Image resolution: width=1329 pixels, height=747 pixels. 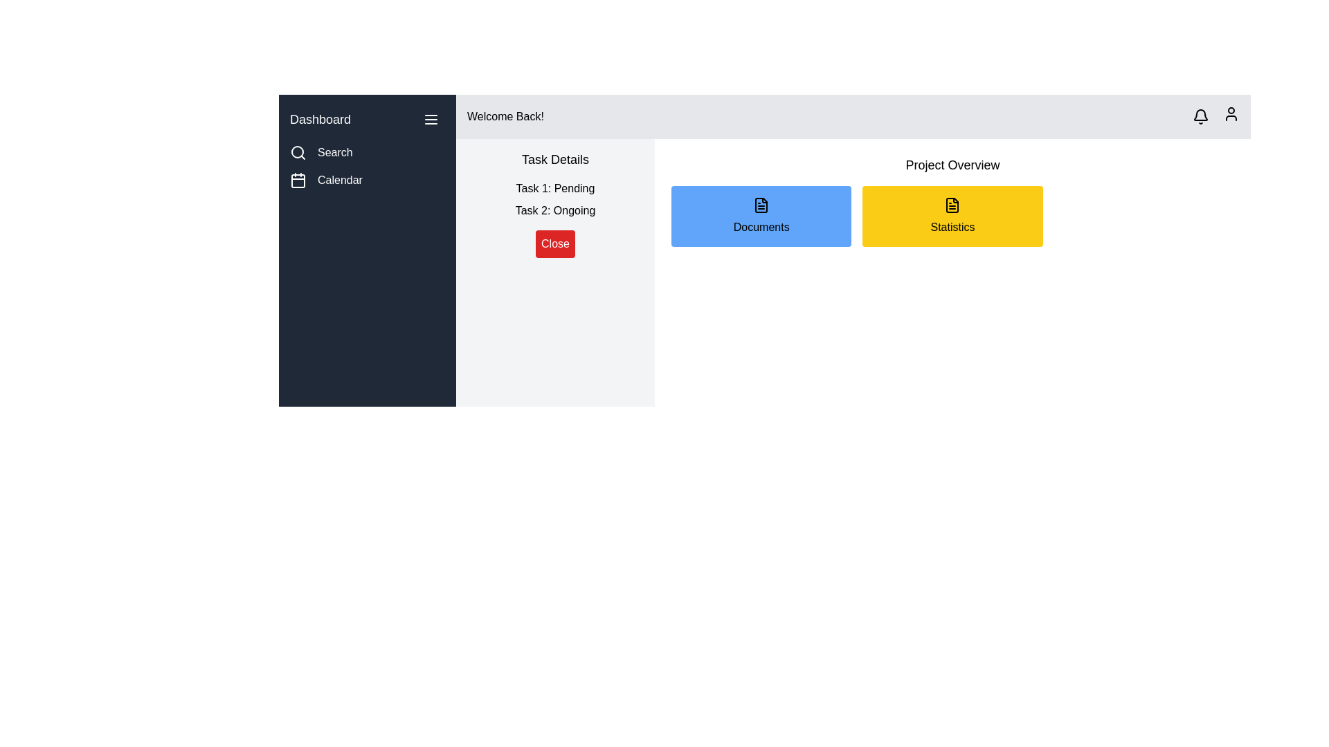 What do you see at coordinates (952, 205) in the screenshot?
I see `the yellow file/document icon located in the second box labeled 'Statistics' within the 'Project Overview' section of the application interface` at bounding box center [952, 205].